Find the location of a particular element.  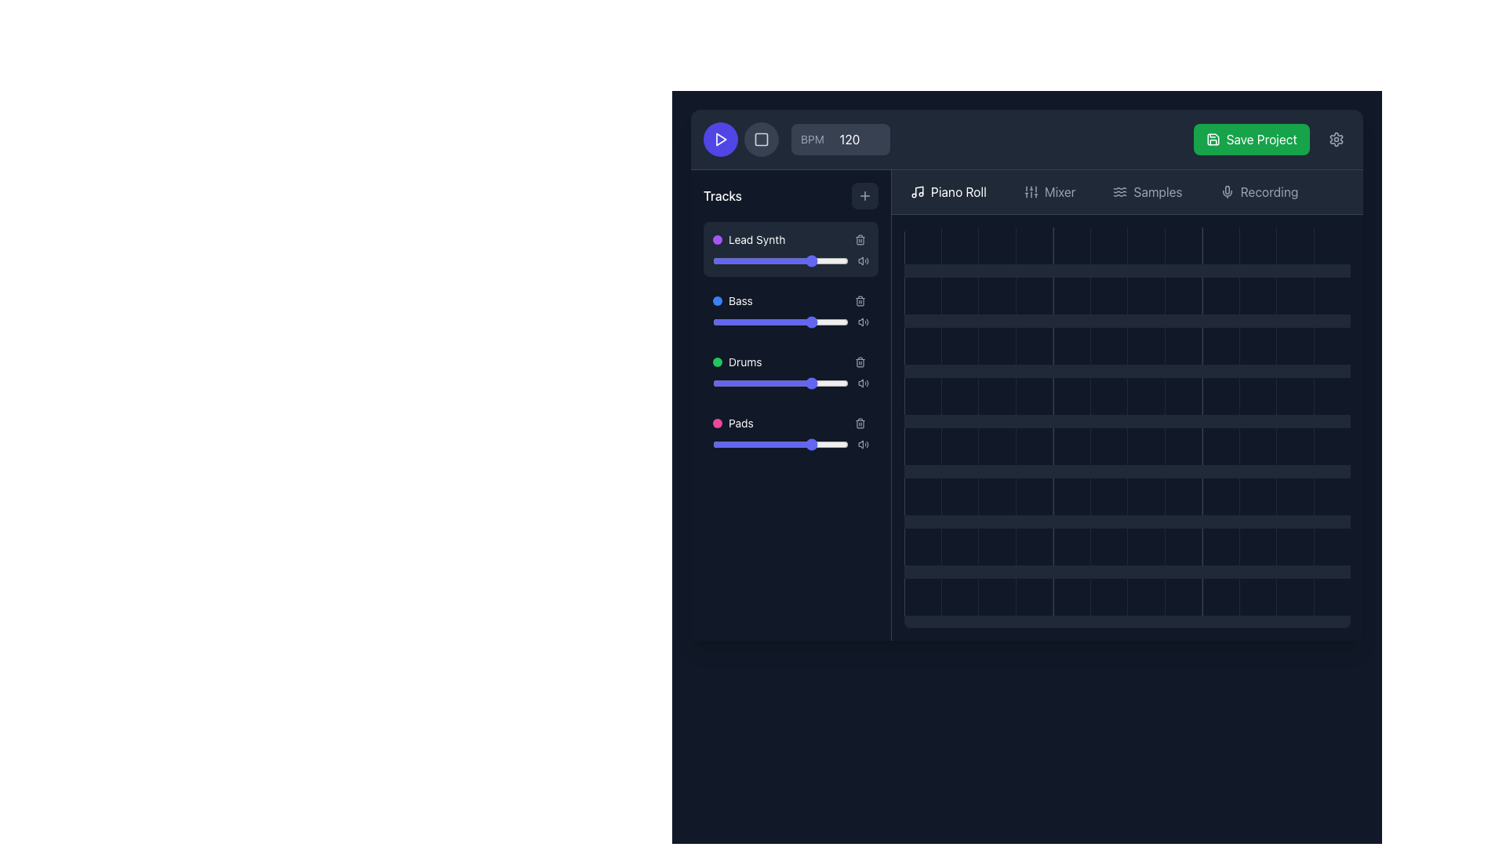

the square-shaped grid cell located in the top row and eighth column of the grid layout is located at coordinates (1183, 245).